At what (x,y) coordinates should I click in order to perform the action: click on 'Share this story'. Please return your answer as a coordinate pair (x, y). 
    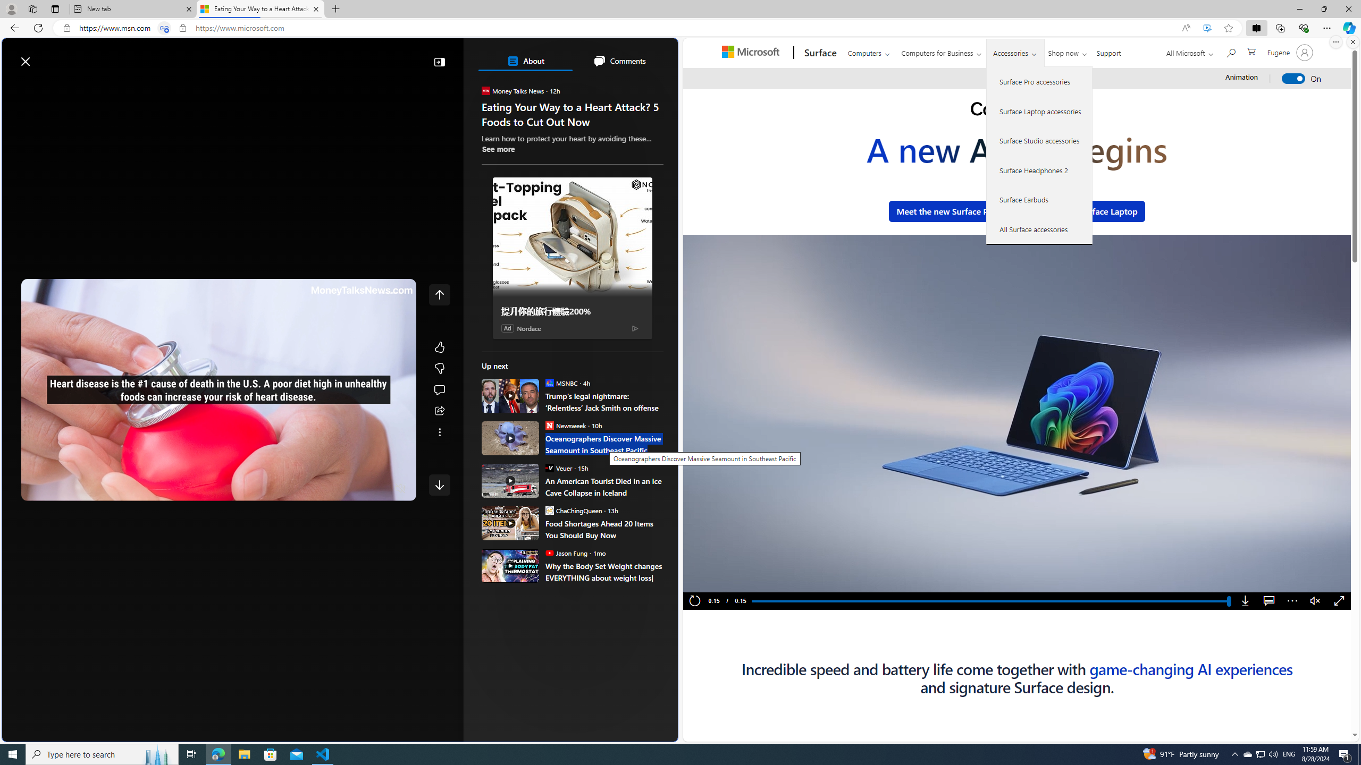
    Looking at the image, I should click on (439, 411).